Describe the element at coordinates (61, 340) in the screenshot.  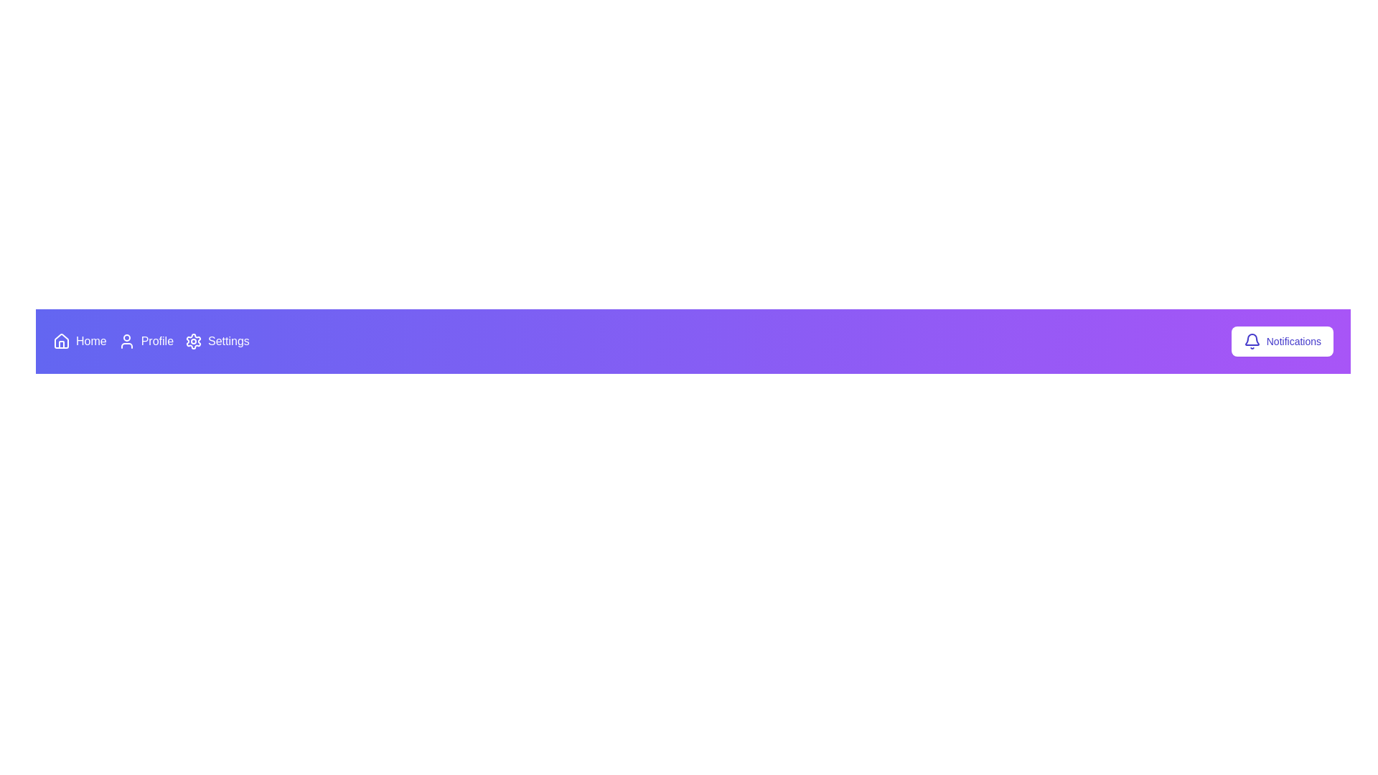
I see `the home button SVG icon located in the top navigation bar` at that location.